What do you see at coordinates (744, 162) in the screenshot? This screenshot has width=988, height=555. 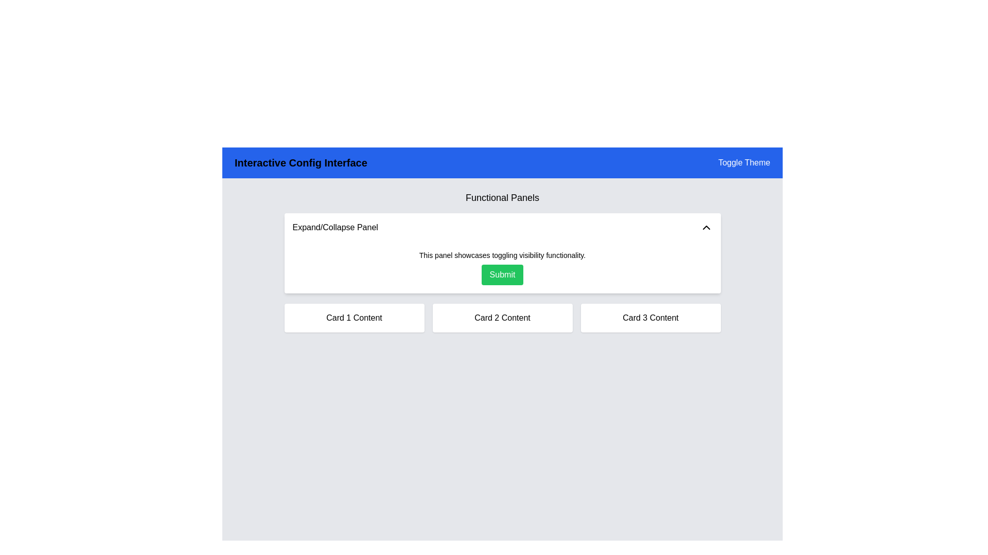 I see `the 'Toggle Theme' button located in the top-right corner of the blue header bar` at bounding box center [744, 162].